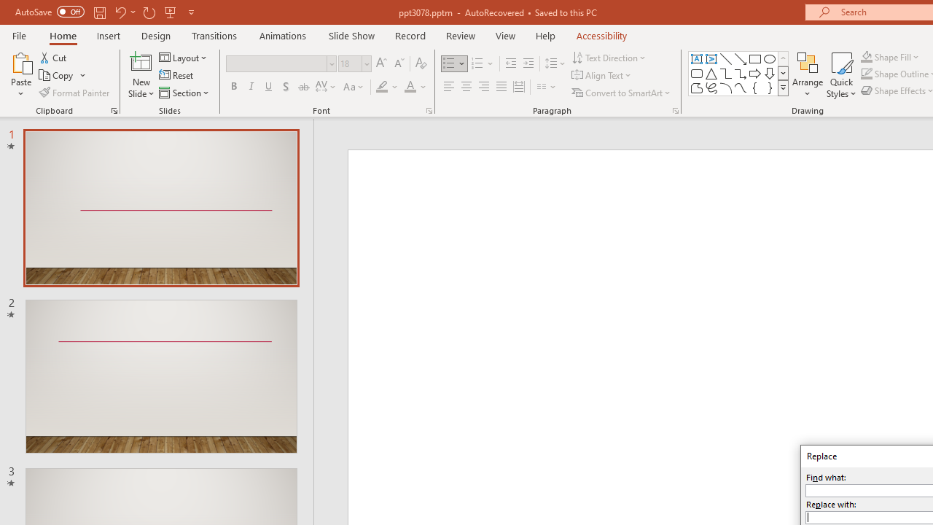 This screenshot has width=933, height=525. Describe the element at coordinates (354, 63) in the screenshot. I see `'Font Size'` at that location.